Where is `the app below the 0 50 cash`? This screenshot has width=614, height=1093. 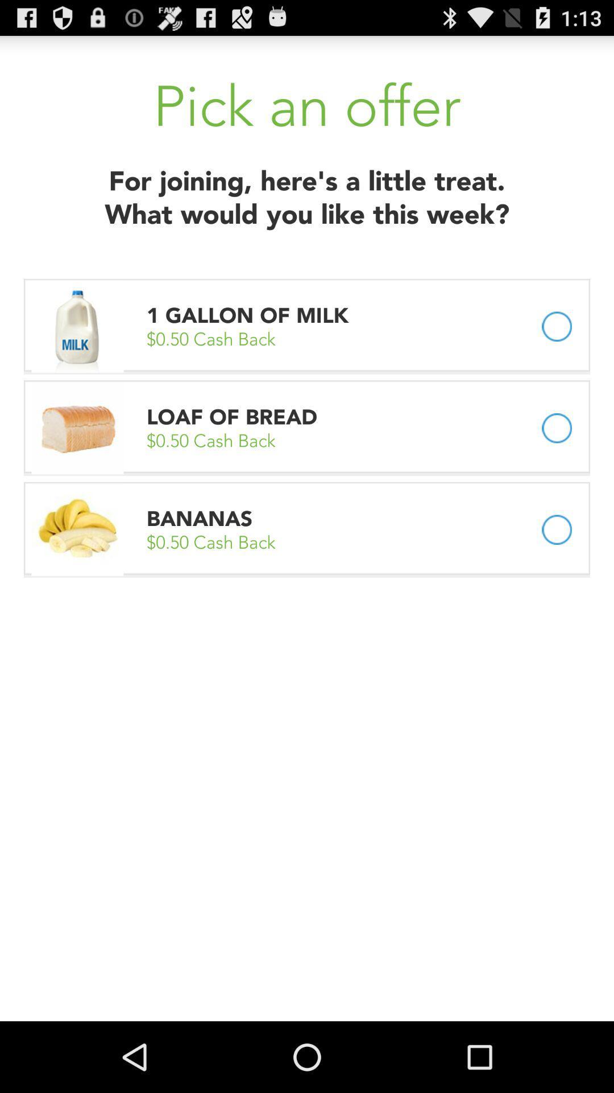
the app below the 0 50 cash is located at coordinates (231, 416).